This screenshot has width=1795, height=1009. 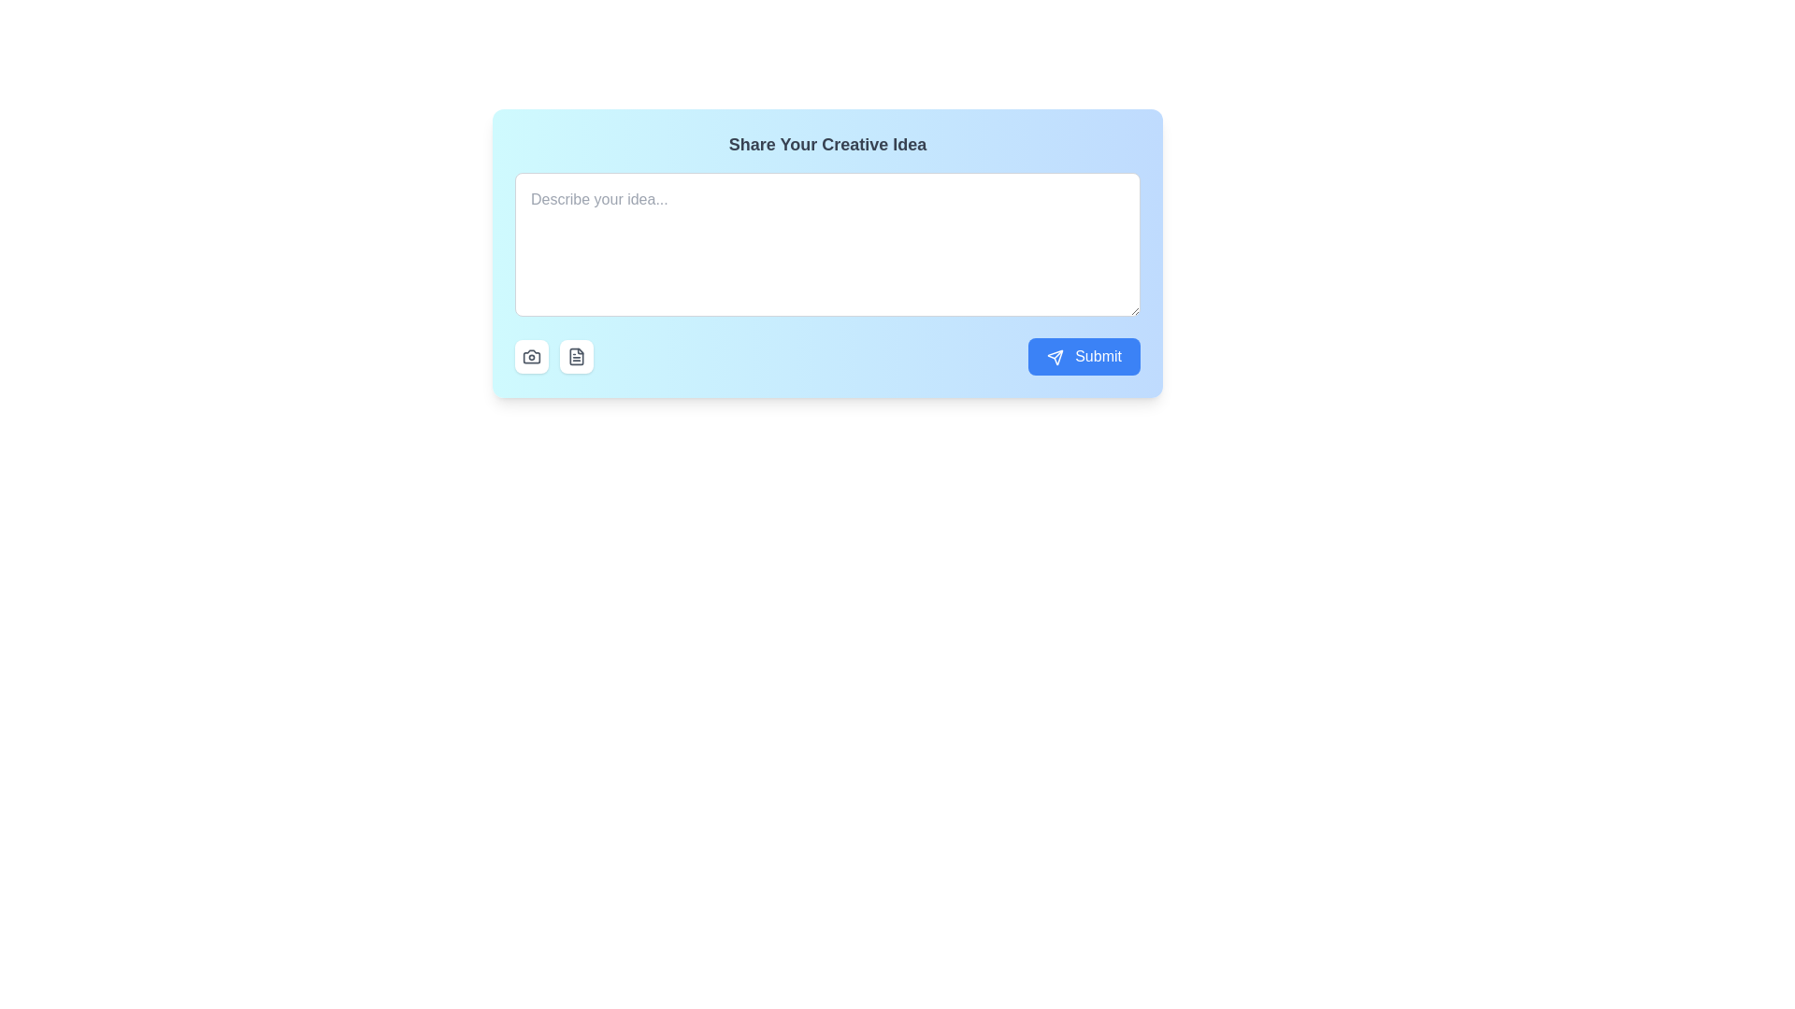 What do you see at coordinates (531, 356) in the screenshot?
I see `the camera icon, which is a compact outline-style icon in dark gray color, located within a rounded white button at the bottom-left corner of the input box above the submit button` at bounding box center [531, 356].